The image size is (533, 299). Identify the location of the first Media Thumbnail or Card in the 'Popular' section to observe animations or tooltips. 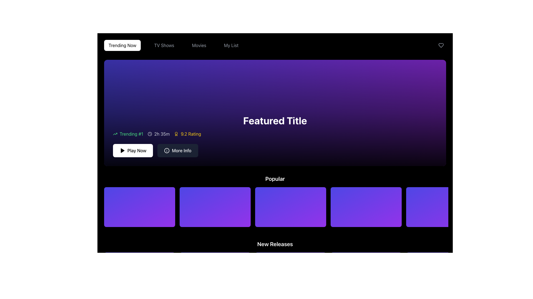
(140, 207).